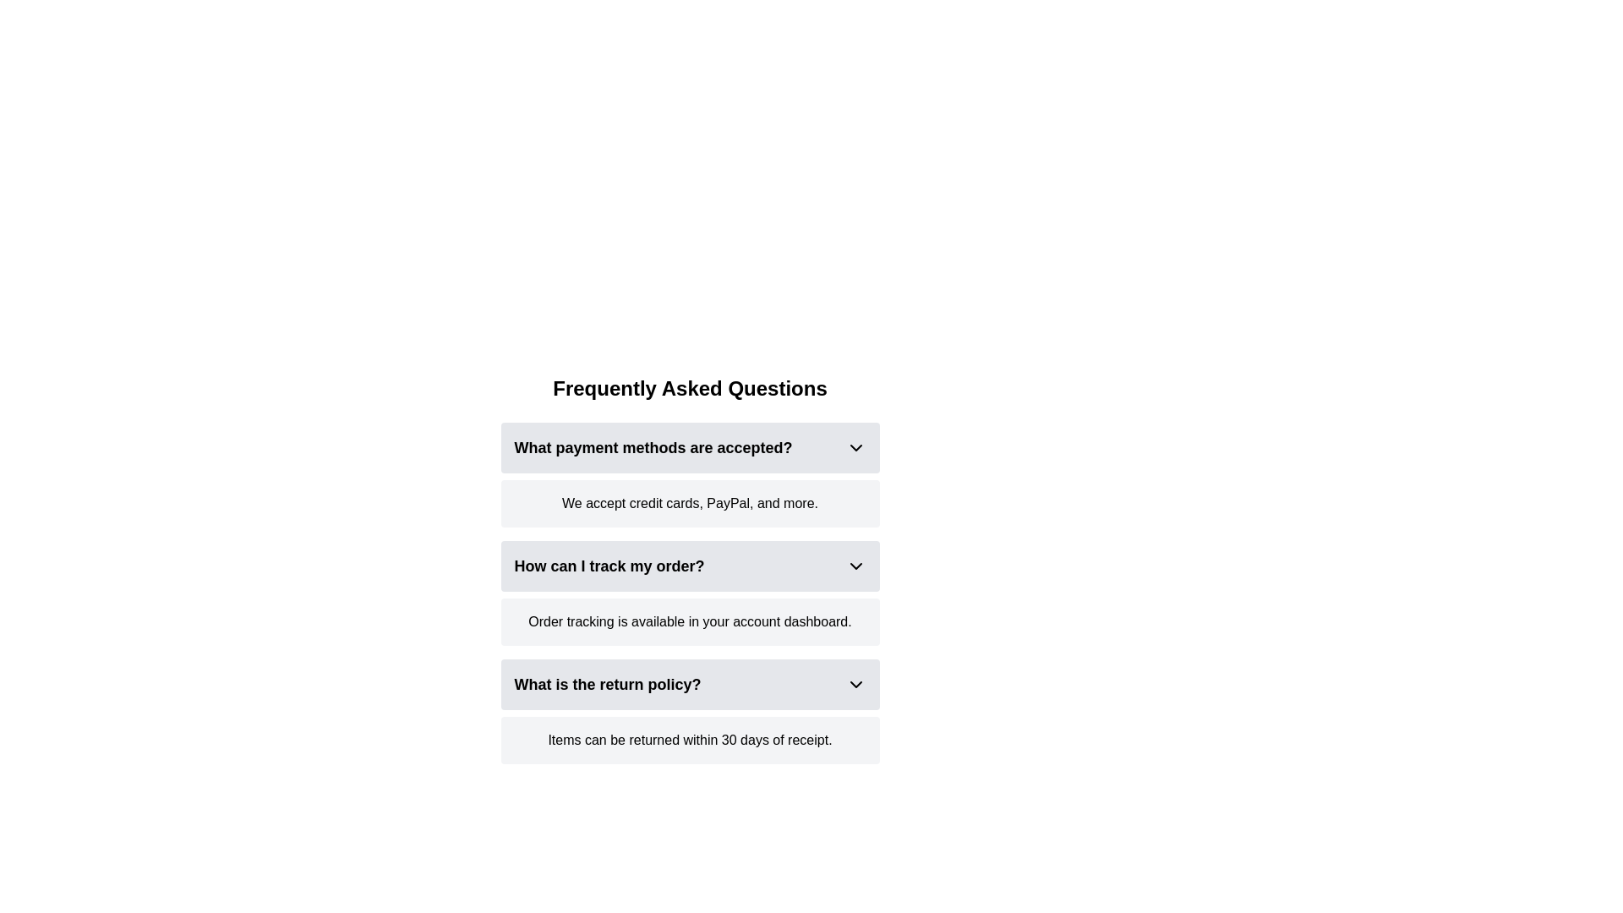  I want to click on the Collapsible FAQ item located between 'What payment methods are accepted?' and 'What is the return policy?', so click(690, 593).